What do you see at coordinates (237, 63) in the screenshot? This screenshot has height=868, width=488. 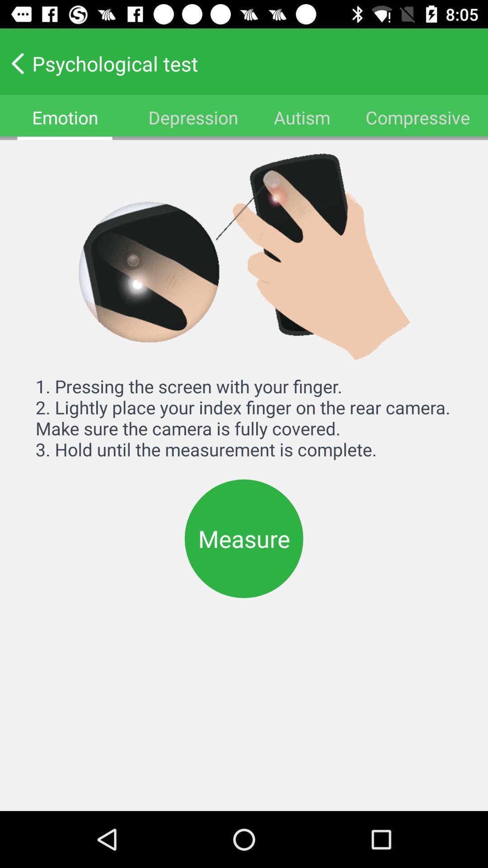 I see `psychological test item` at bounding box center [237, 63].